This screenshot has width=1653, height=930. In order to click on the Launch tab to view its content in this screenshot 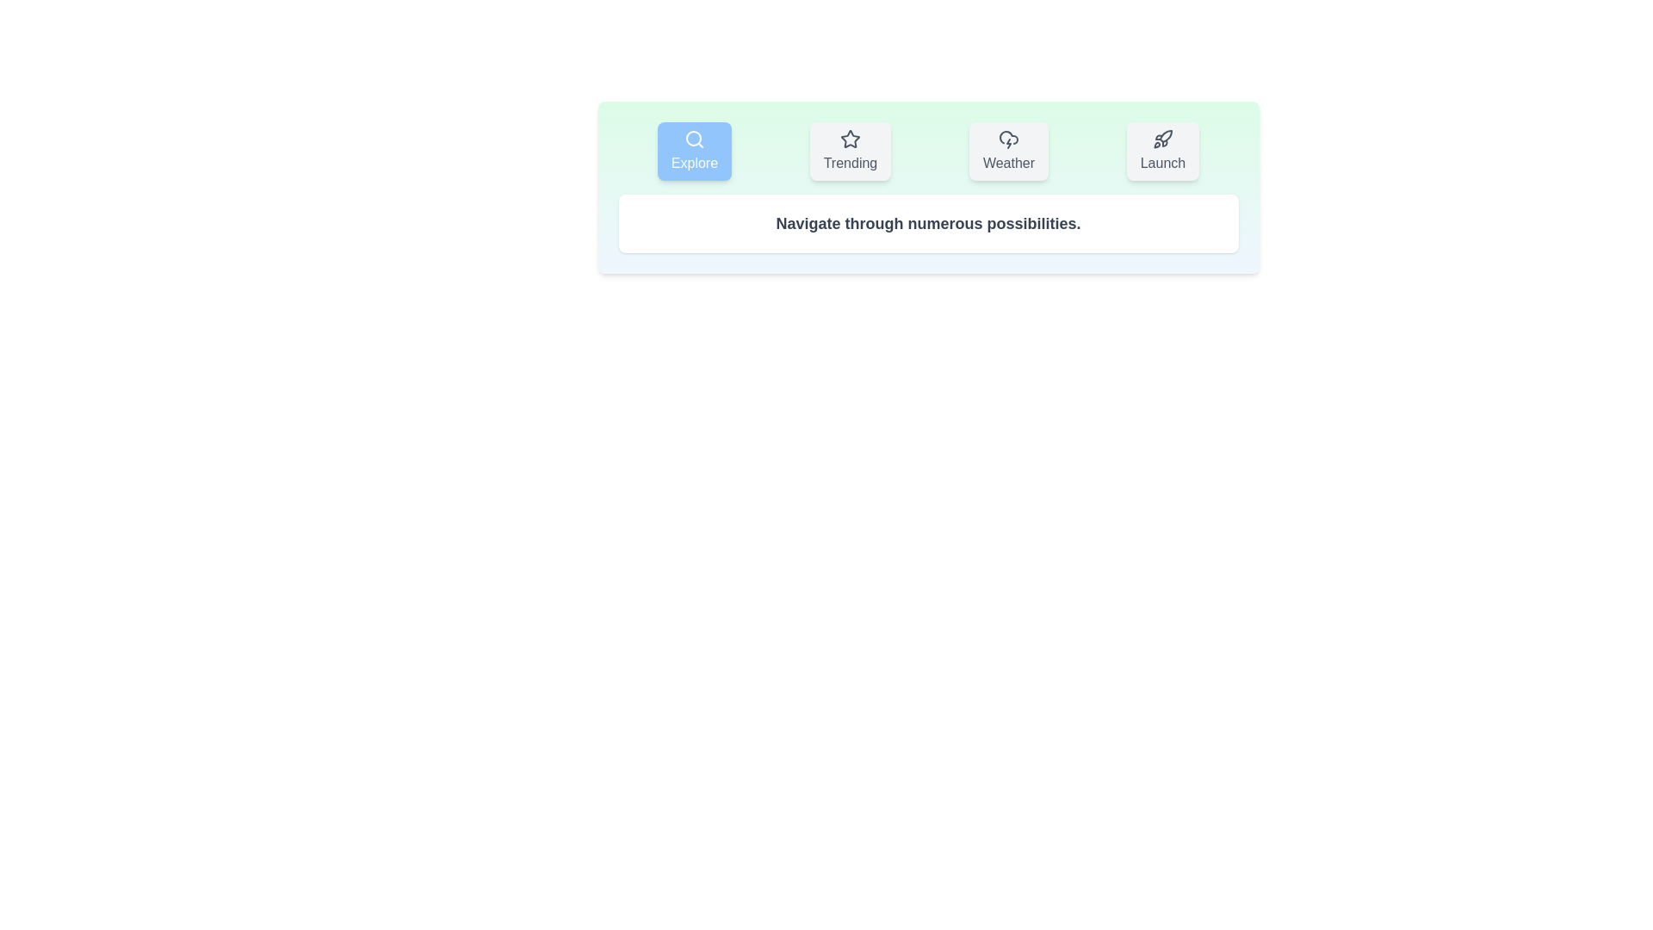, I will do `click(1162, 151)`.